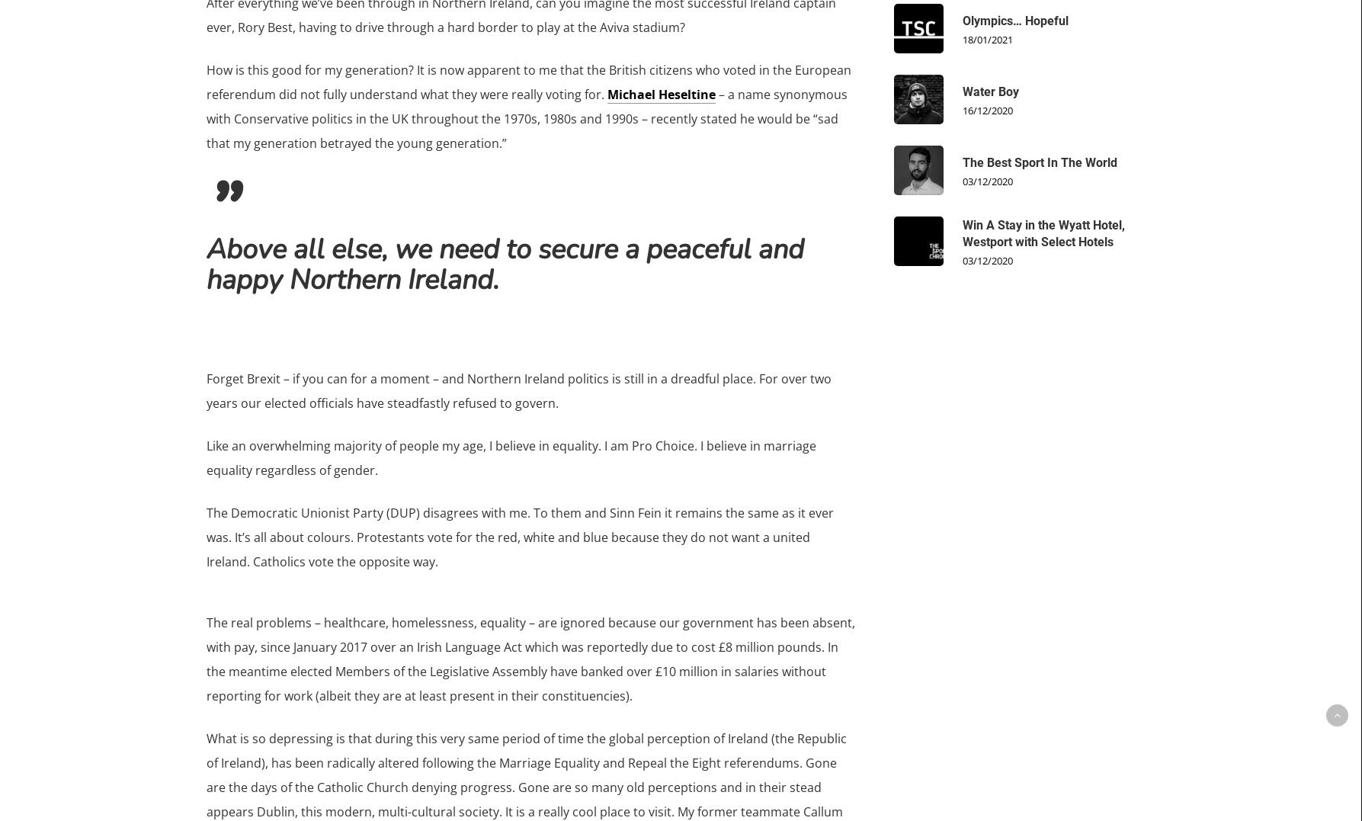 Image resolution: width=1362 pixels, height=821 pixels. What do you see at coordinates (527, 82) in the screenshot?
I see `'How is this good for my generation? It is now apparent to me that the British citizens who voted in the European referendum did not fully understand what they were really voting for.'` at bounding box center [527, 82].